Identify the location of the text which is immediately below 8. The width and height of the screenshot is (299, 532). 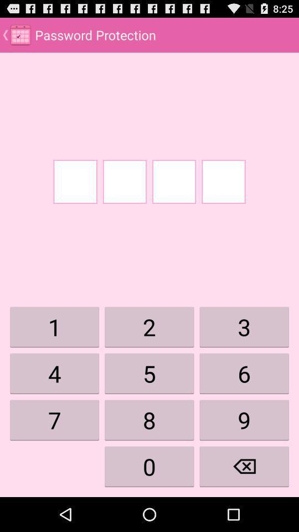
(149, 466).